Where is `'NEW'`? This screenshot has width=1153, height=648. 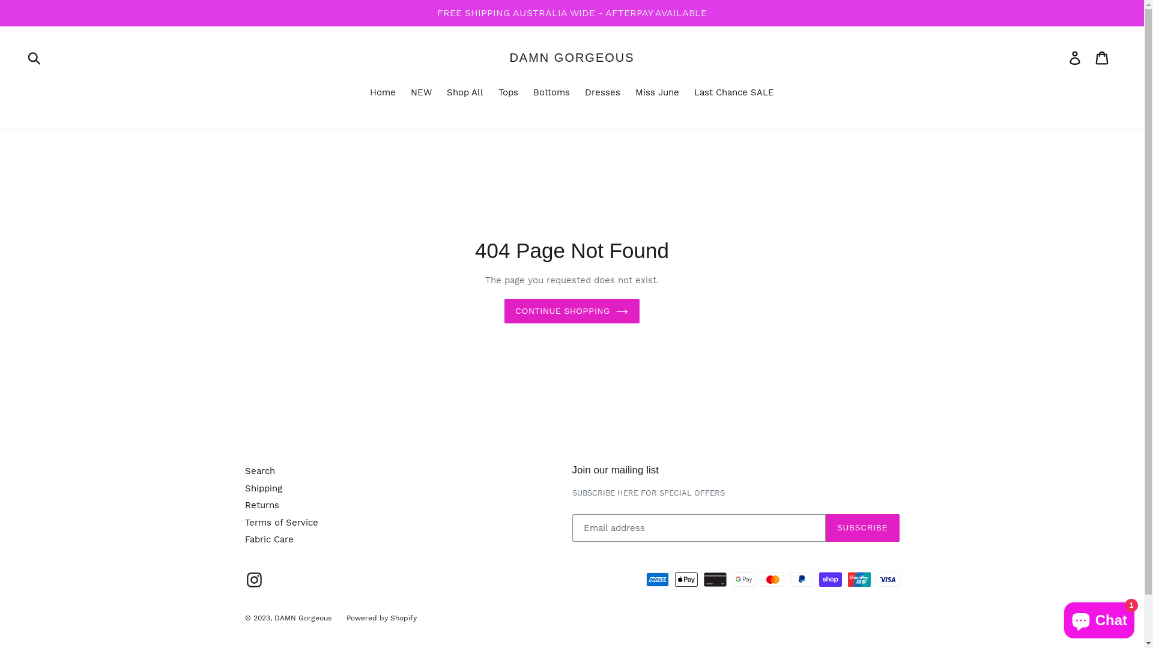 'NEW' is located at coordinates (421, 92).